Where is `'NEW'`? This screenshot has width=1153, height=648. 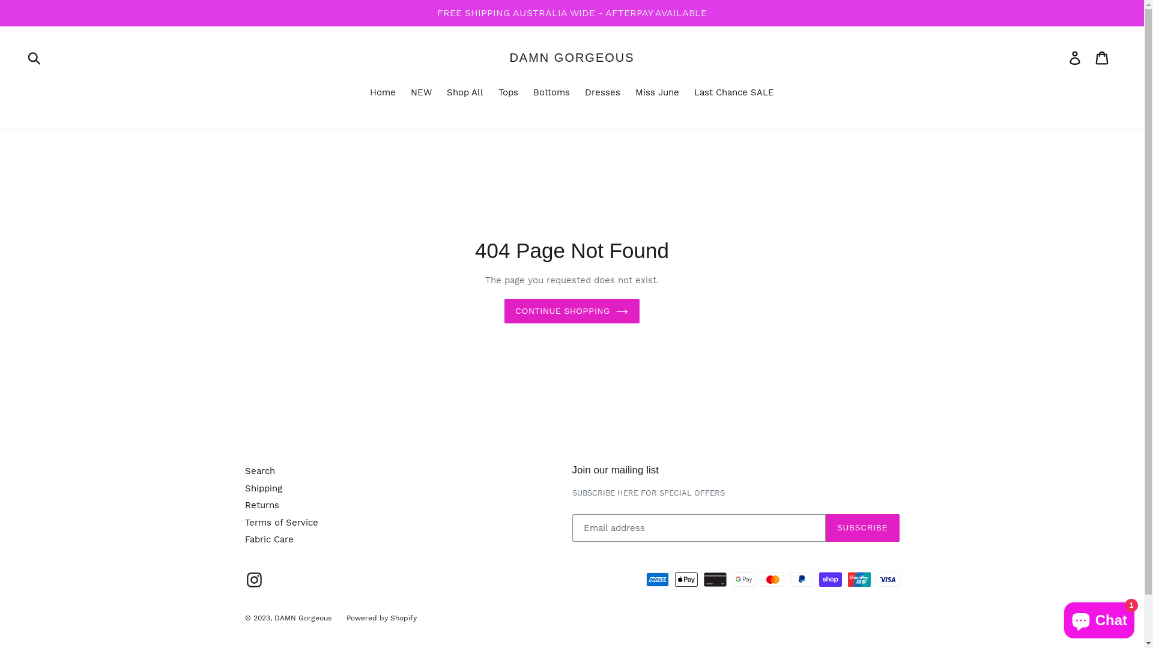 'NEW' is located at coordinates (421, 92).